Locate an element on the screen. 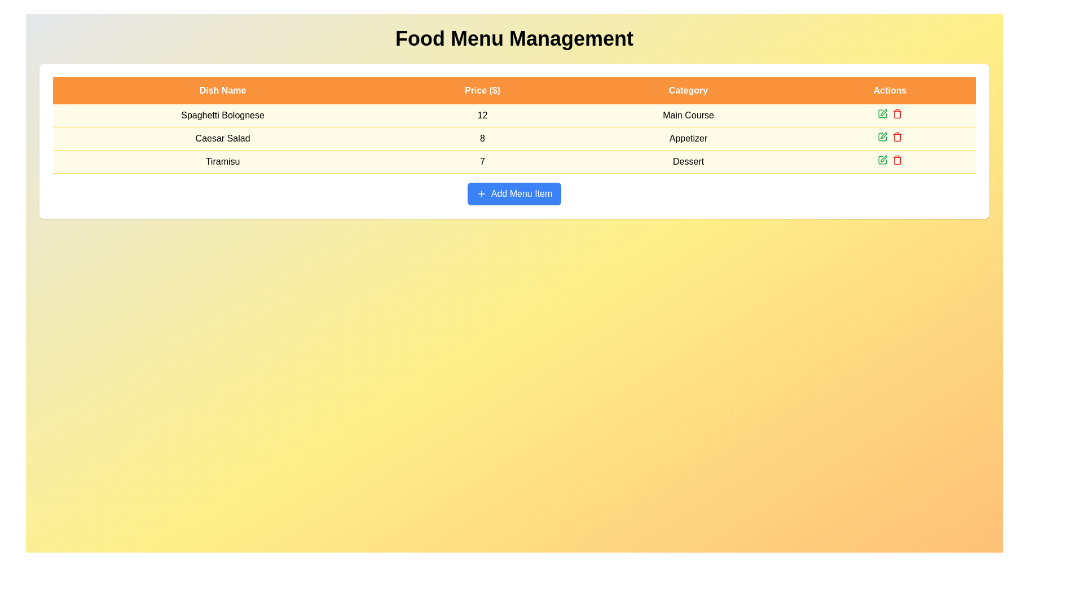 The height and width of the screenshot is (609, 1083). the fourth column header cell in the table, which is positioned to the far right, indicating that the column contains action icons or controls is located at coordinates (890, 90).